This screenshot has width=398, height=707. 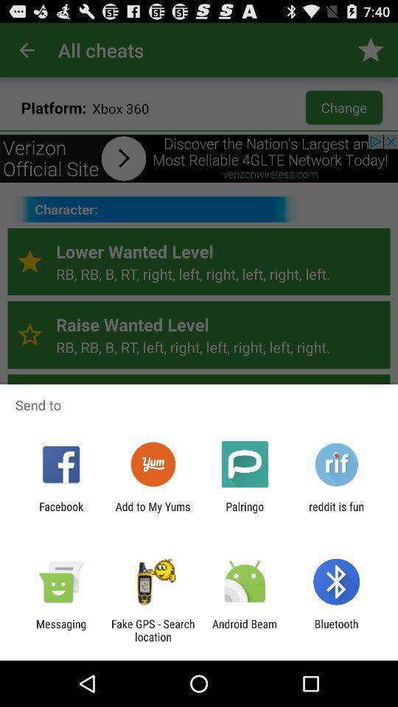 What do you see at coordinates (336, 630) in the screenshot?
I see `app to the right of the android beam` at bounding box center [336, 630].